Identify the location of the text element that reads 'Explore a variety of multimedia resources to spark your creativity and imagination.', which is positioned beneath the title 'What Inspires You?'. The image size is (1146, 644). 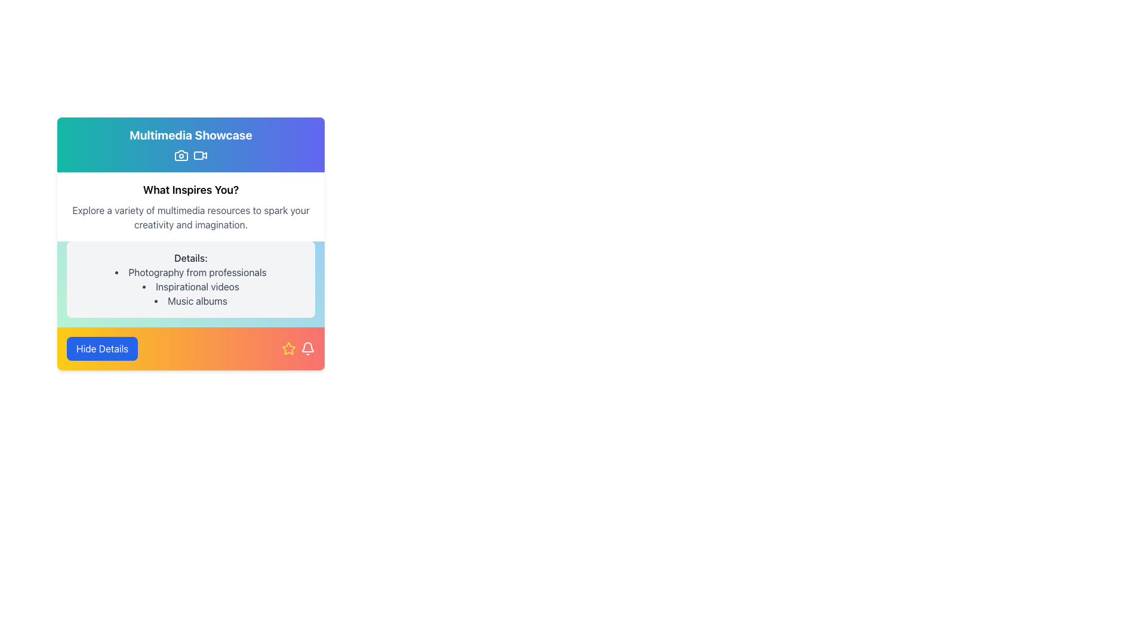
(191, 218).